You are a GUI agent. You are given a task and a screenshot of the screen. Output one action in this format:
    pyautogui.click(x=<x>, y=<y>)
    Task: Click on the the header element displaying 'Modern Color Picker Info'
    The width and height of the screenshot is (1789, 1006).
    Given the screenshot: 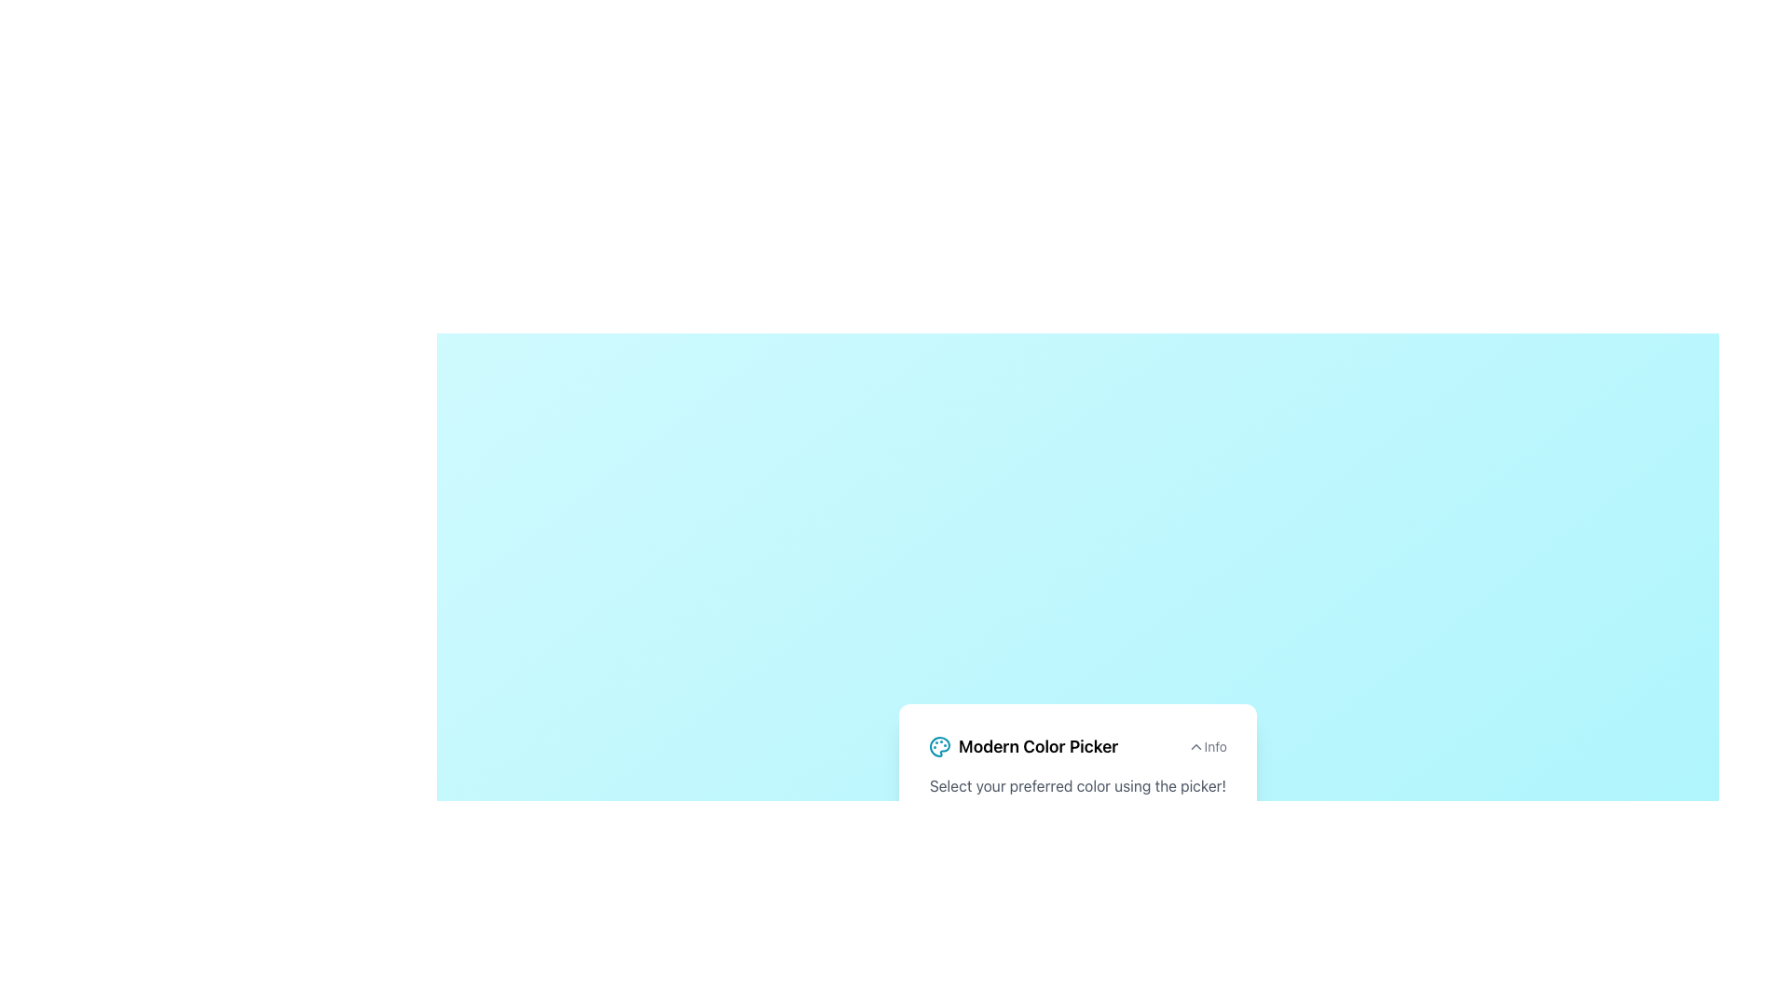 What is the action you would take?
    pyautogui.click(x=1077, y=745)
    